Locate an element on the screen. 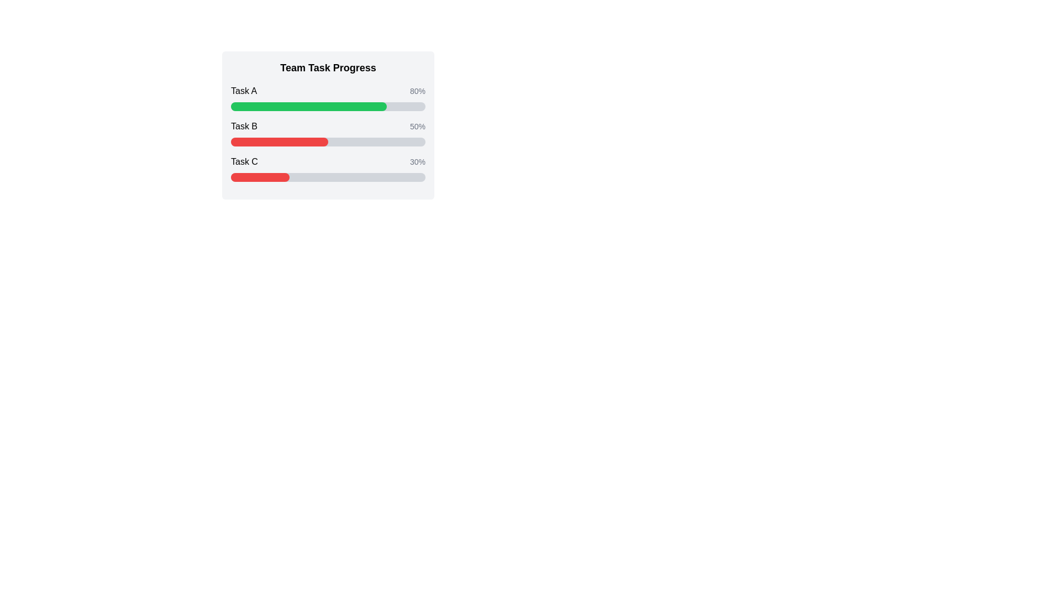 The image size is (1061, 597). the Progress Bar Component titled 'Team Task Progress' is located at coordinates (328, 125).